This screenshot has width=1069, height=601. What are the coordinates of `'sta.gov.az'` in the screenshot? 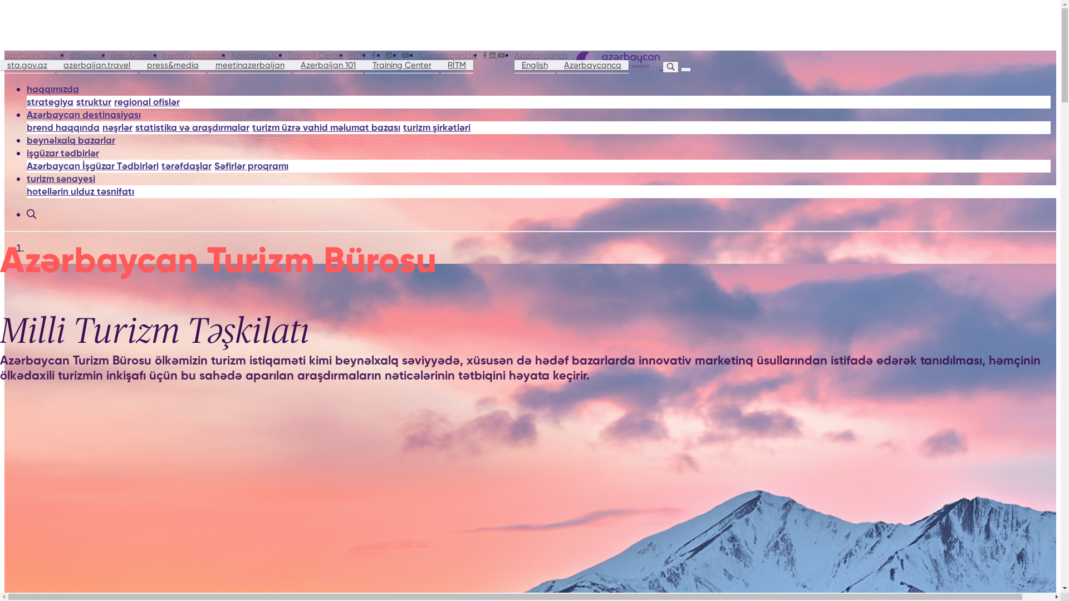 It's located at (0, 65).